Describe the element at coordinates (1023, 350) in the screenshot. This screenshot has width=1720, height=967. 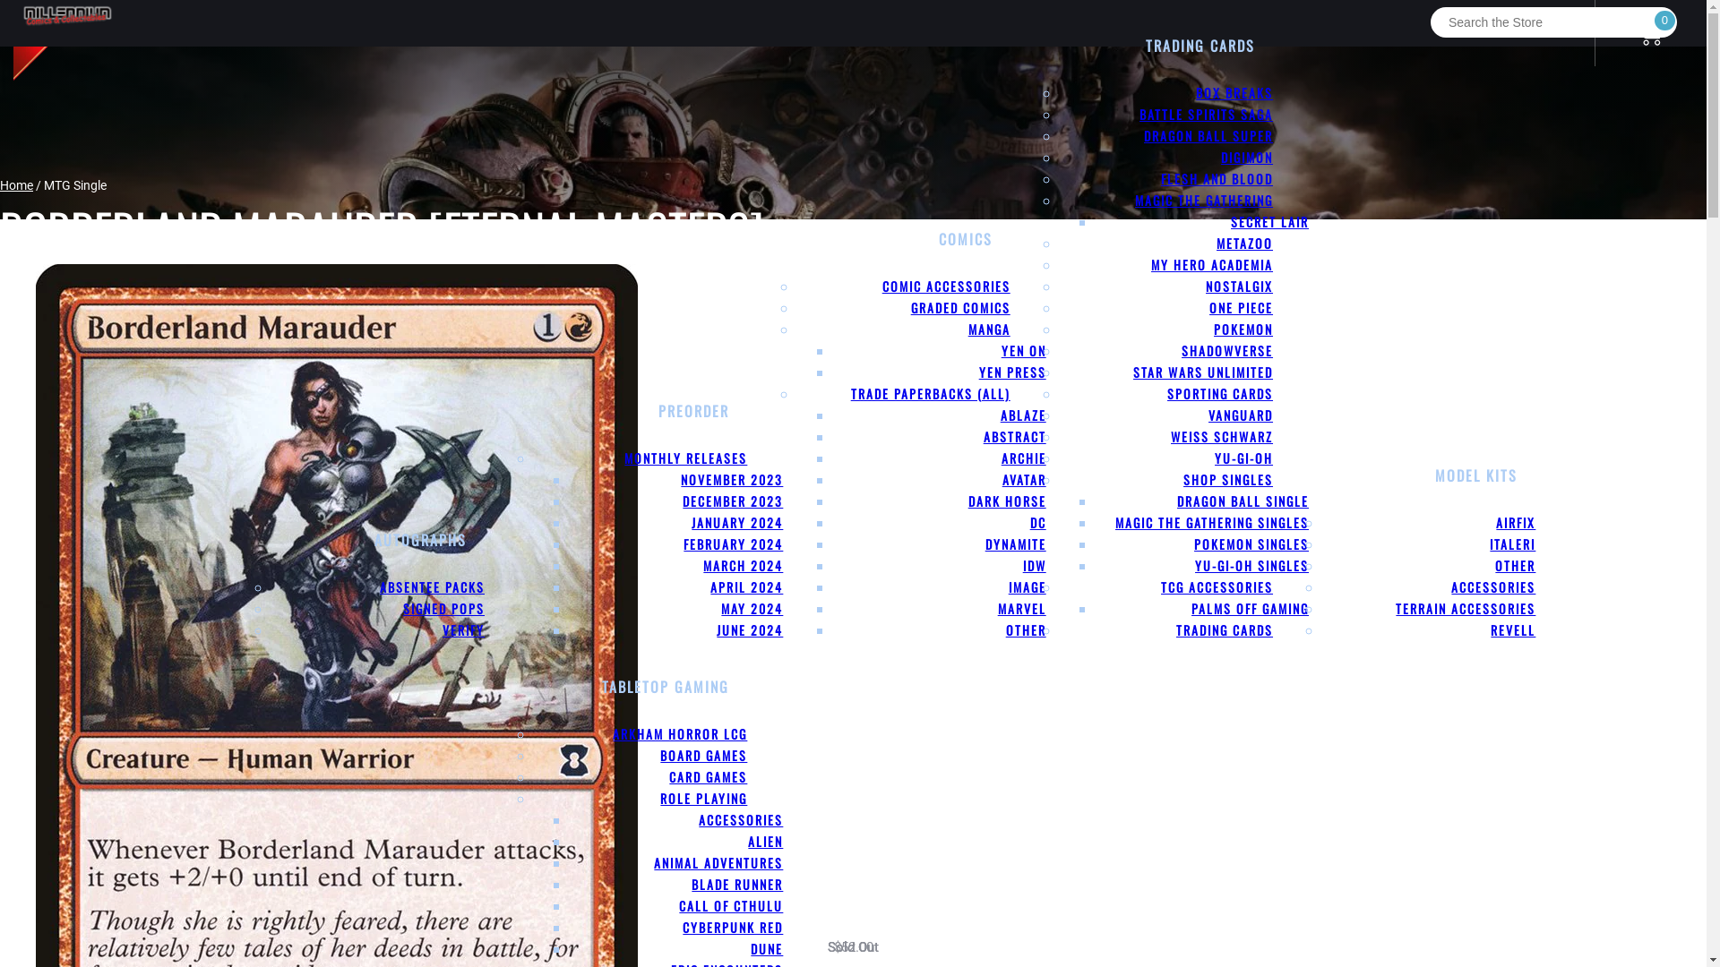
I see `'YEN ON'` at that location.